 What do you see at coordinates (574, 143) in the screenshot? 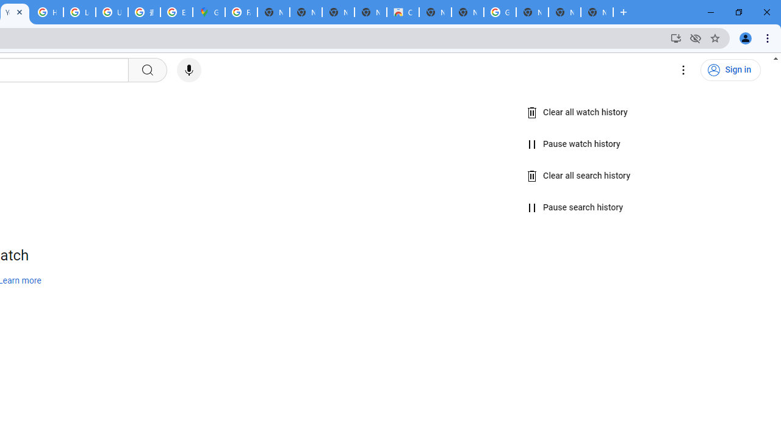
I see `'Pause watch history'` at bounding box center [574, 143].